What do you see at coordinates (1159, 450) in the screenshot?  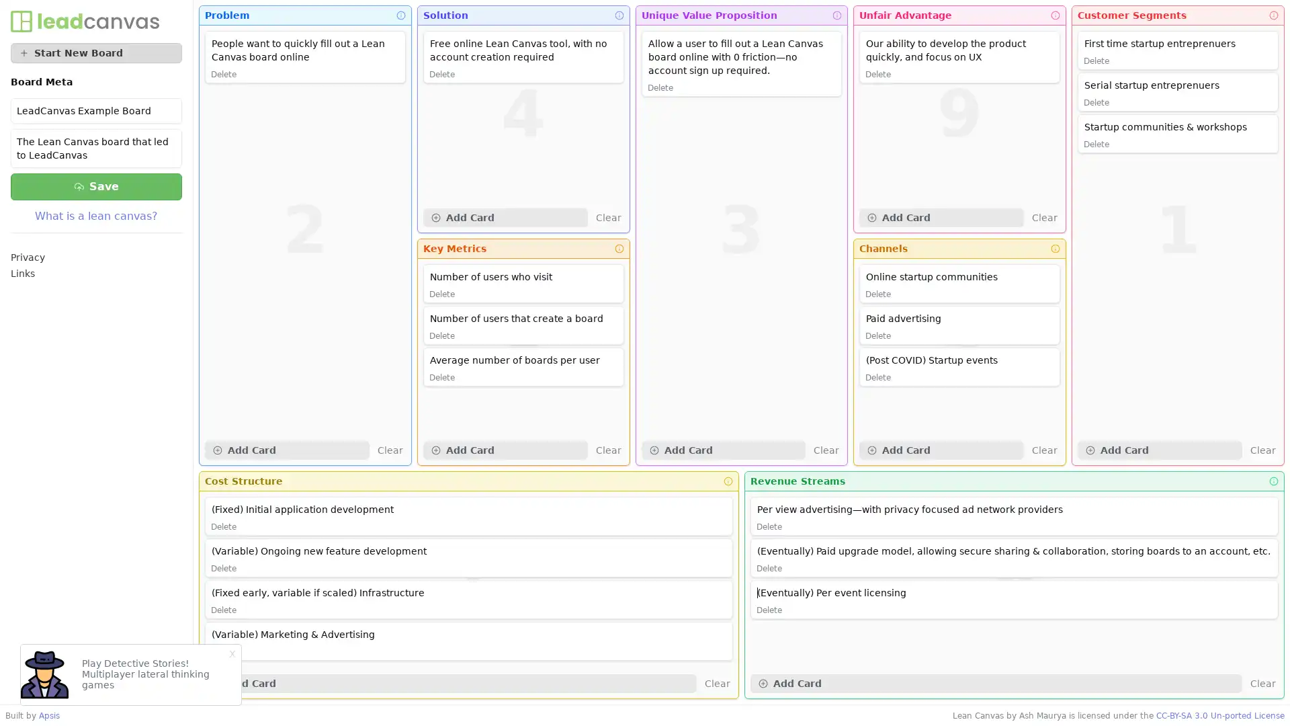 I see `Add Card` at bounding box center [1159, 450].